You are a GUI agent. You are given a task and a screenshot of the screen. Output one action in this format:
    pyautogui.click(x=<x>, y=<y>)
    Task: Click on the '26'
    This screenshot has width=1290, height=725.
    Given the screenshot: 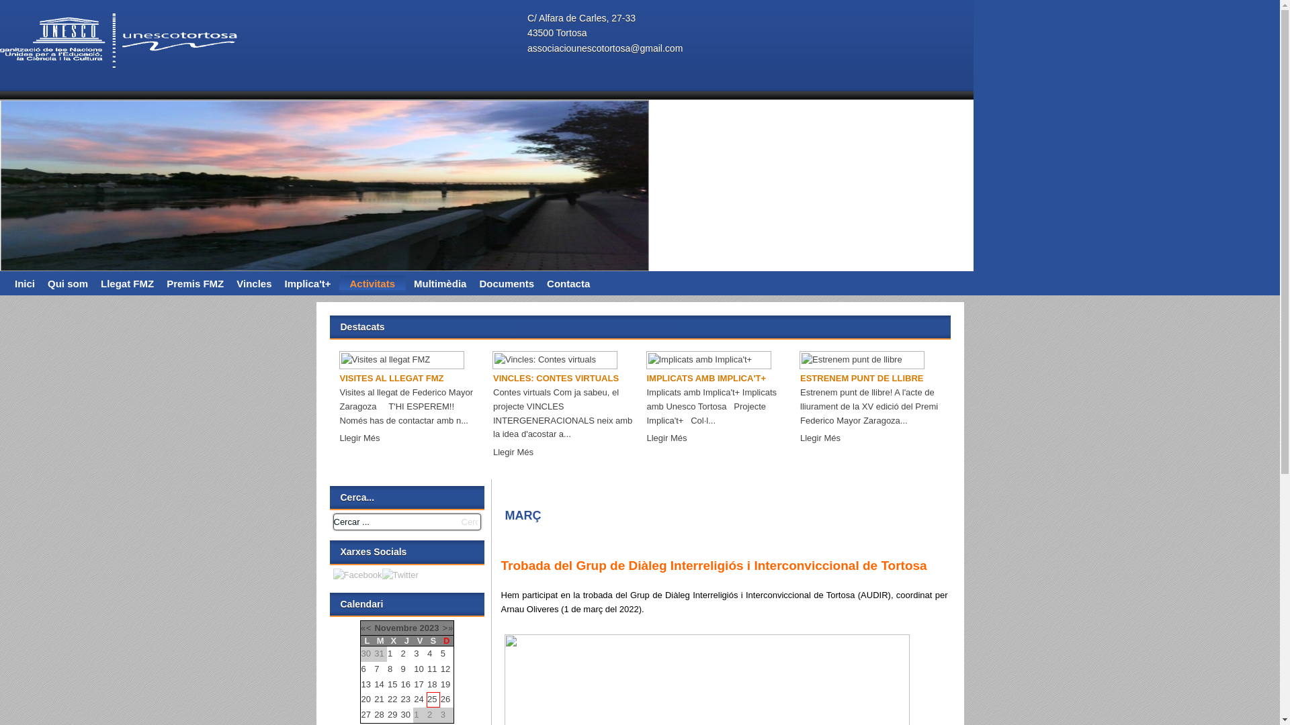 What is the action you would take?
    pyautogui.click(x=445, y=698)
    